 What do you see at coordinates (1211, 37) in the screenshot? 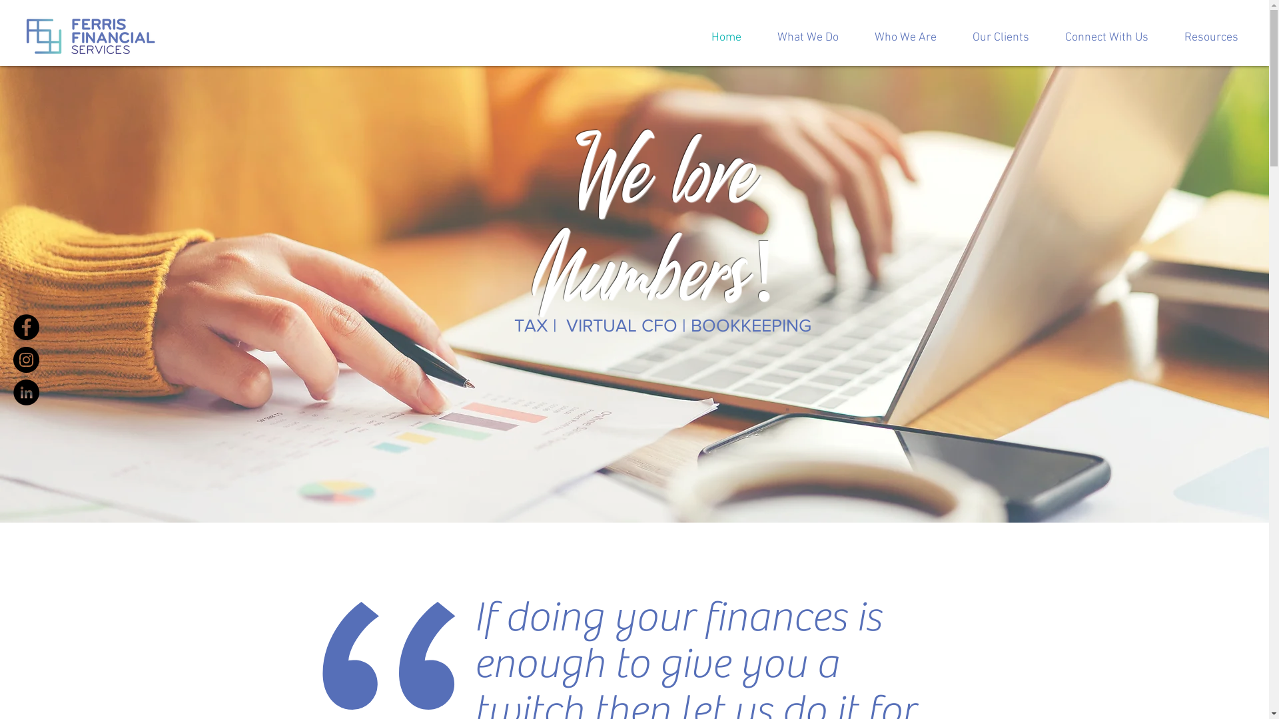
I see `'Resources'` at bounding box center [1211, 37].